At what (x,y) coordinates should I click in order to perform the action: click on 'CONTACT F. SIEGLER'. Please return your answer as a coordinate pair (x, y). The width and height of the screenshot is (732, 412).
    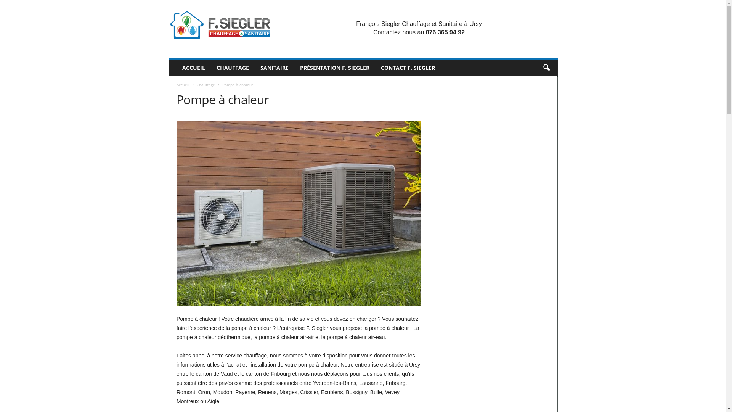
    Looking at the image, I should click on (408, 67).